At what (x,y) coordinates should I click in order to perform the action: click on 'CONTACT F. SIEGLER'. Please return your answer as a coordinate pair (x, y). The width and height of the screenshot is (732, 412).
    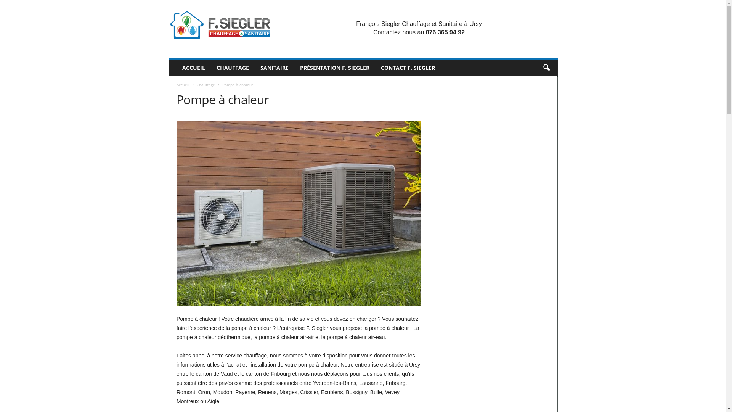
    Looking at the image, I should click on (408, 67).